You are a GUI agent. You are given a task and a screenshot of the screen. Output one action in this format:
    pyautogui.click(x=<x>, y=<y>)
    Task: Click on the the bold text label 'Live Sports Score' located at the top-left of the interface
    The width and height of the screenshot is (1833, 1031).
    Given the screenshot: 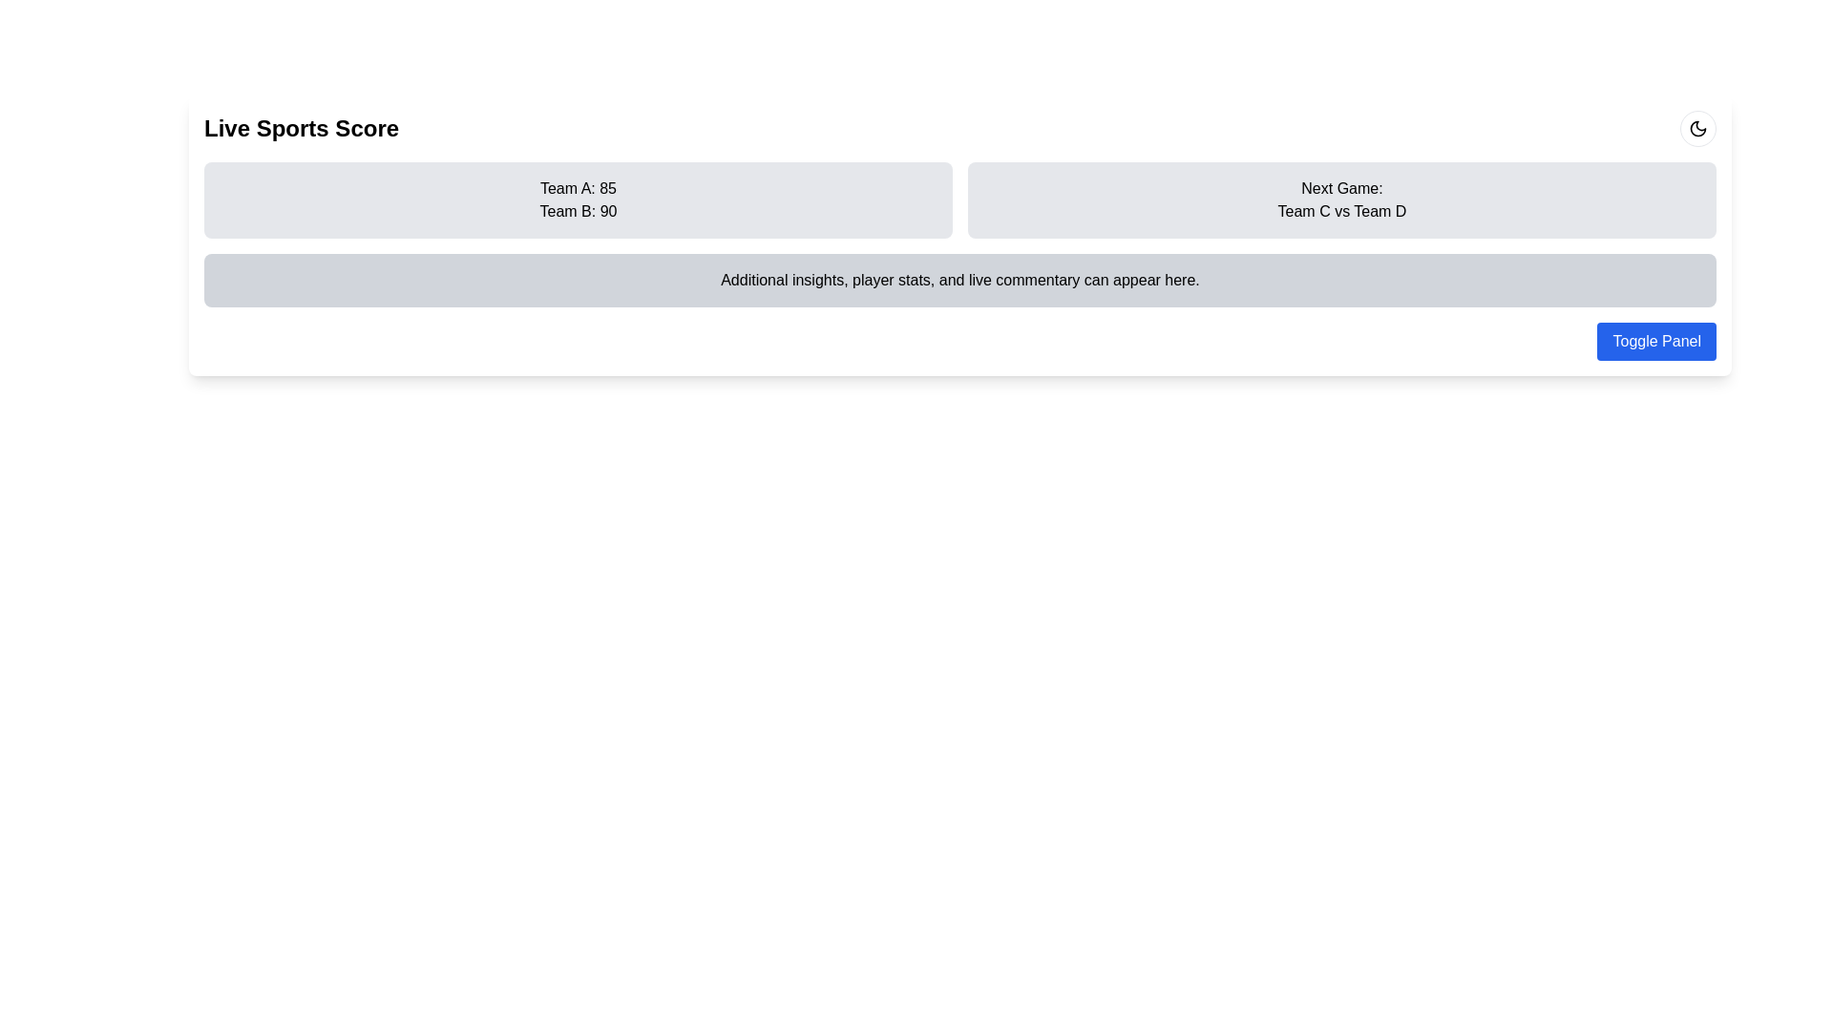 What is the action you would take?
    pyautogui.click(x=301, y=129)
    